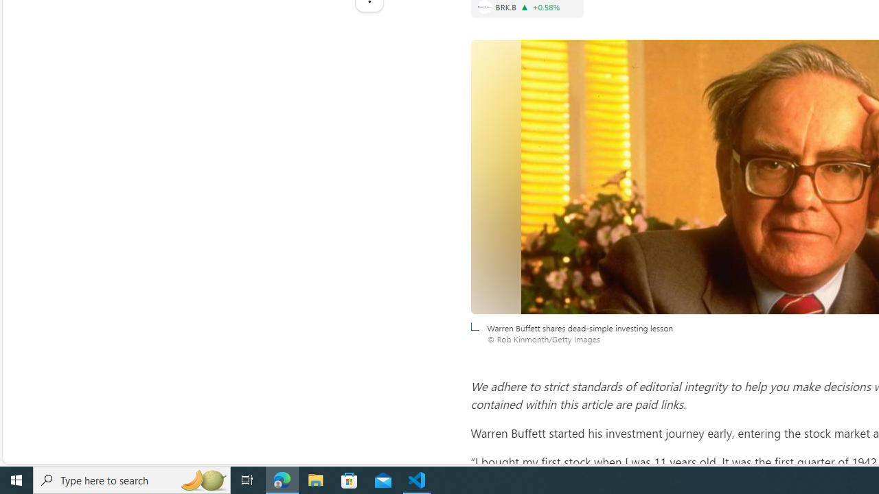 Image resolution: width=879 pixels, height=494 pixels. I want to click on 'BERKSHIRE HATHAWAY INC.', so click(484, 7).